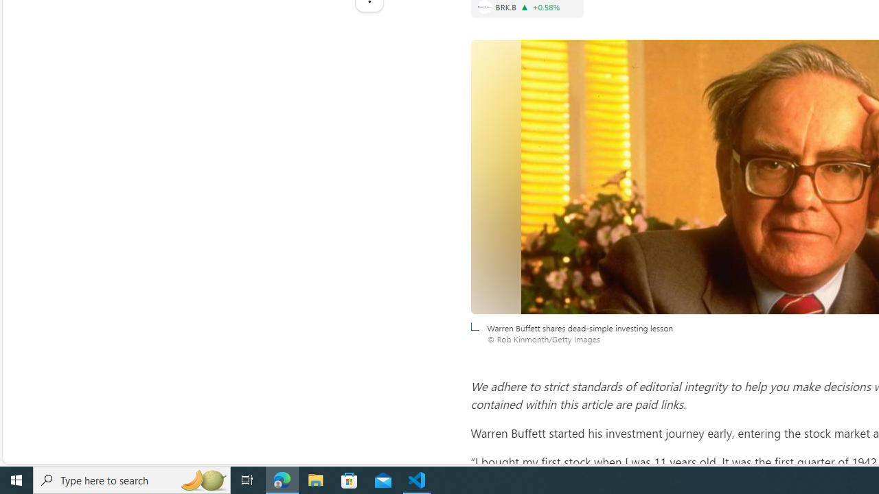 Image resolution: width=879 pixels, height=494 pixels. I want to click on 'BERKSHIRE HATHAWAY INC.', so click(484, 7).